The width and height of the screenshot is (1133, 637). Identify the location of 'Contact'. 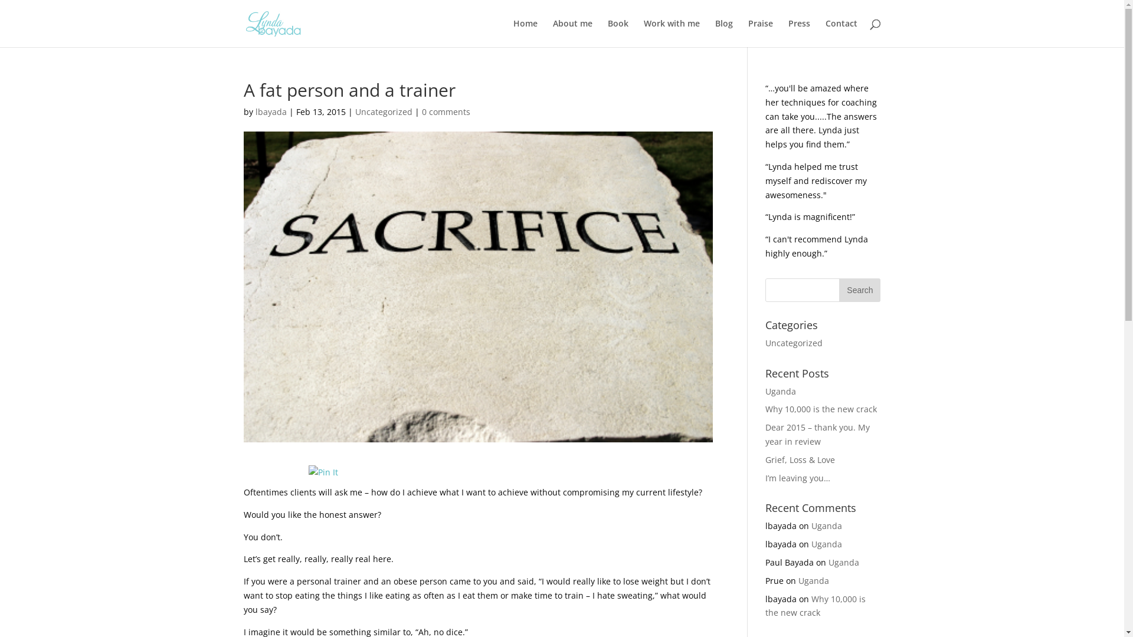
(824, 32).